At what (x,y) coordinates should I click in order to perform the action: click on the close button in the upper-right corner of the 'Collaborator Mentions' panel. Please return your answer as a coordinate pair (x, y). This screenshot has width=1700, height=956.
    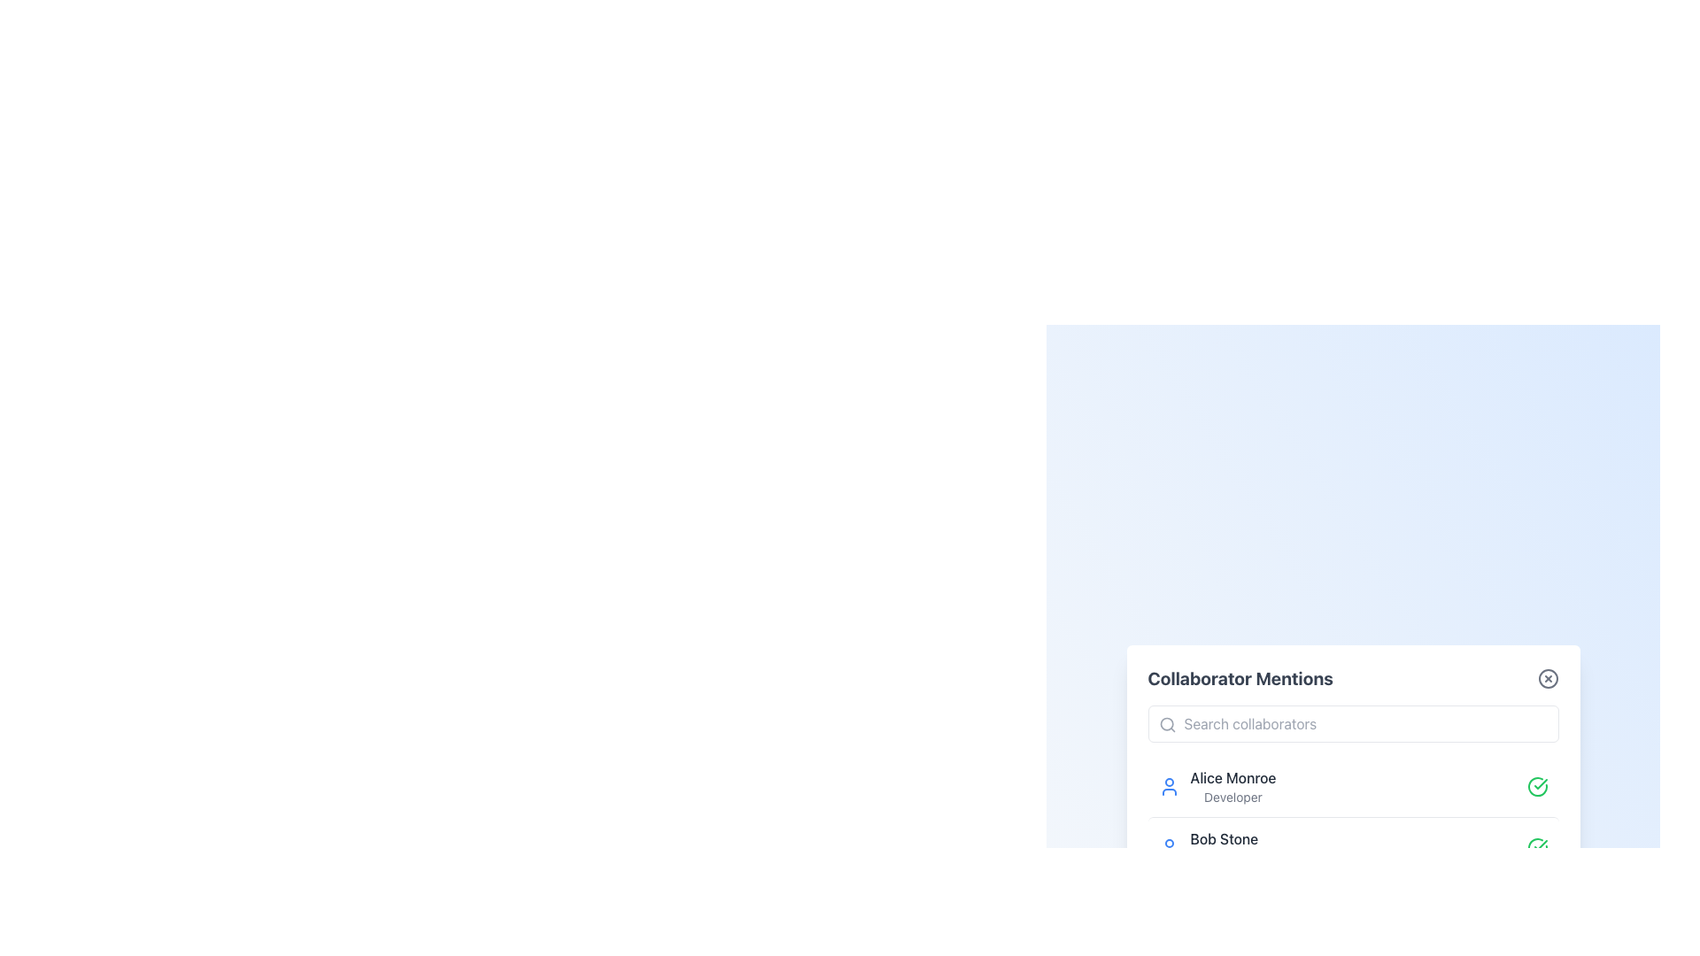
    Looking at the image, I should click on (1547, 678).